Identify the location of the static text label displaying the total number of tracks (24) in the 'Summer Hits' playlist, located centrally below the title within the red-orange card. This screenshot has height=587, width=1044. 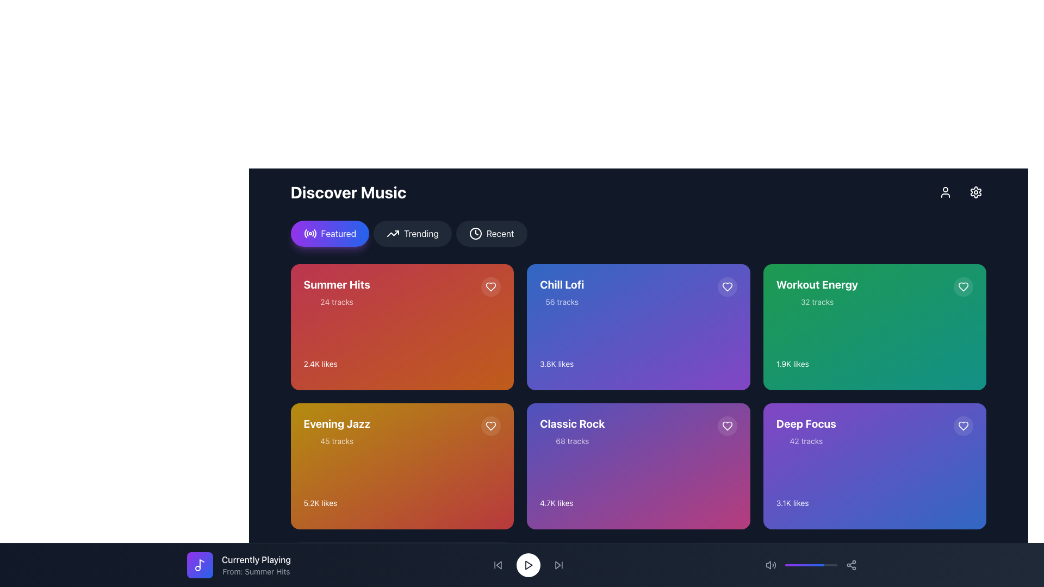
(336, 302).